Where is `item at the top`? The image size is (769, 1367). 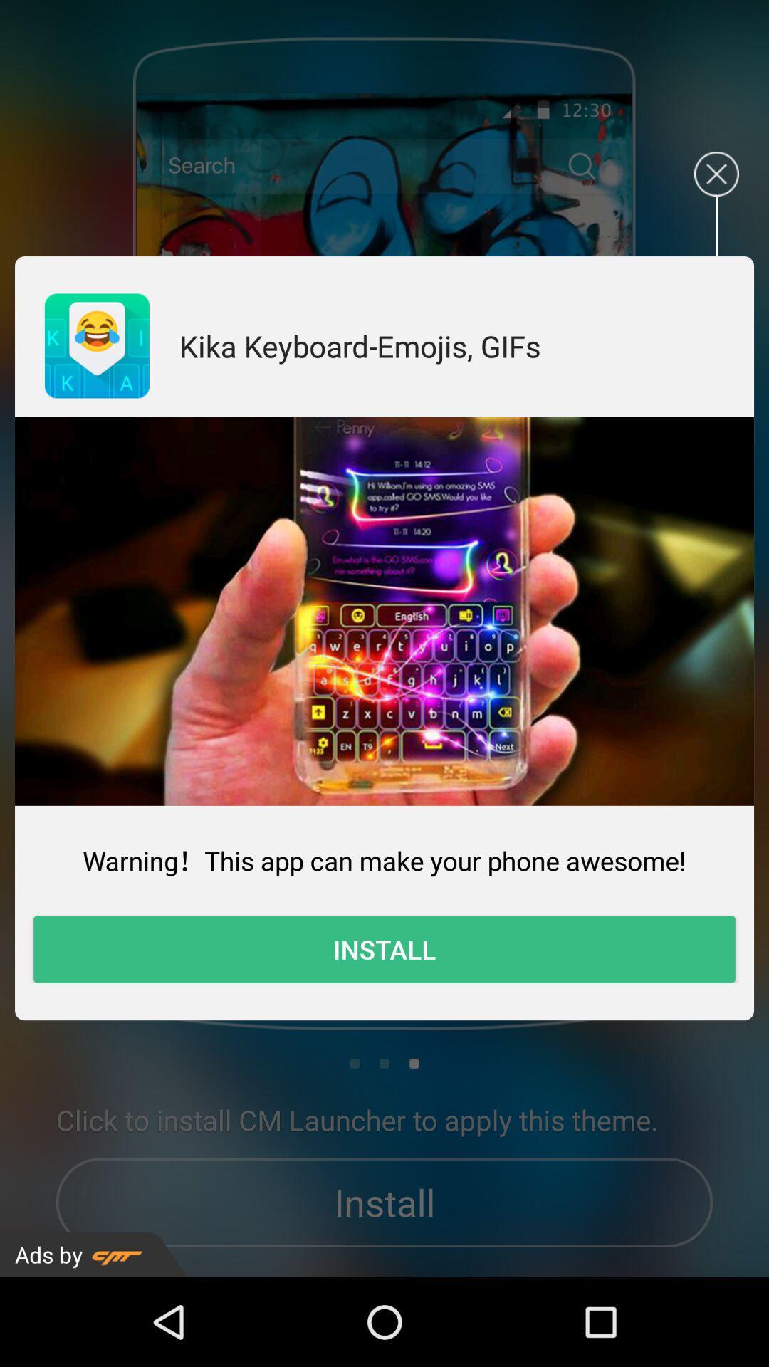
item at the top is located at coordinates (359, 345).